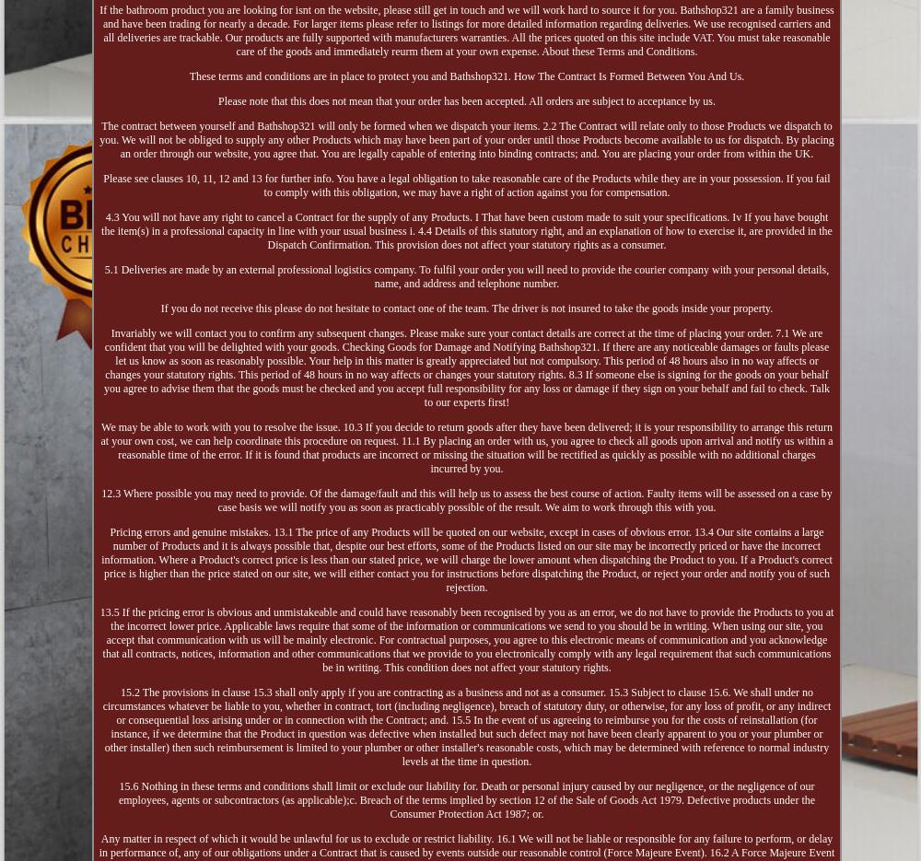 This screenshot has width=921, height=861. What do you see at coordinates (466, 183) in the screenshot?
I see `'Please see clauses 10, 11, 12 and 13 for further info. You have a legal obligation to take reasonable care of the Products while they are in your possession. If you fail to comply with this obligation, we may have a right of action against you for compensation.'` at bounding box center [466, 183].